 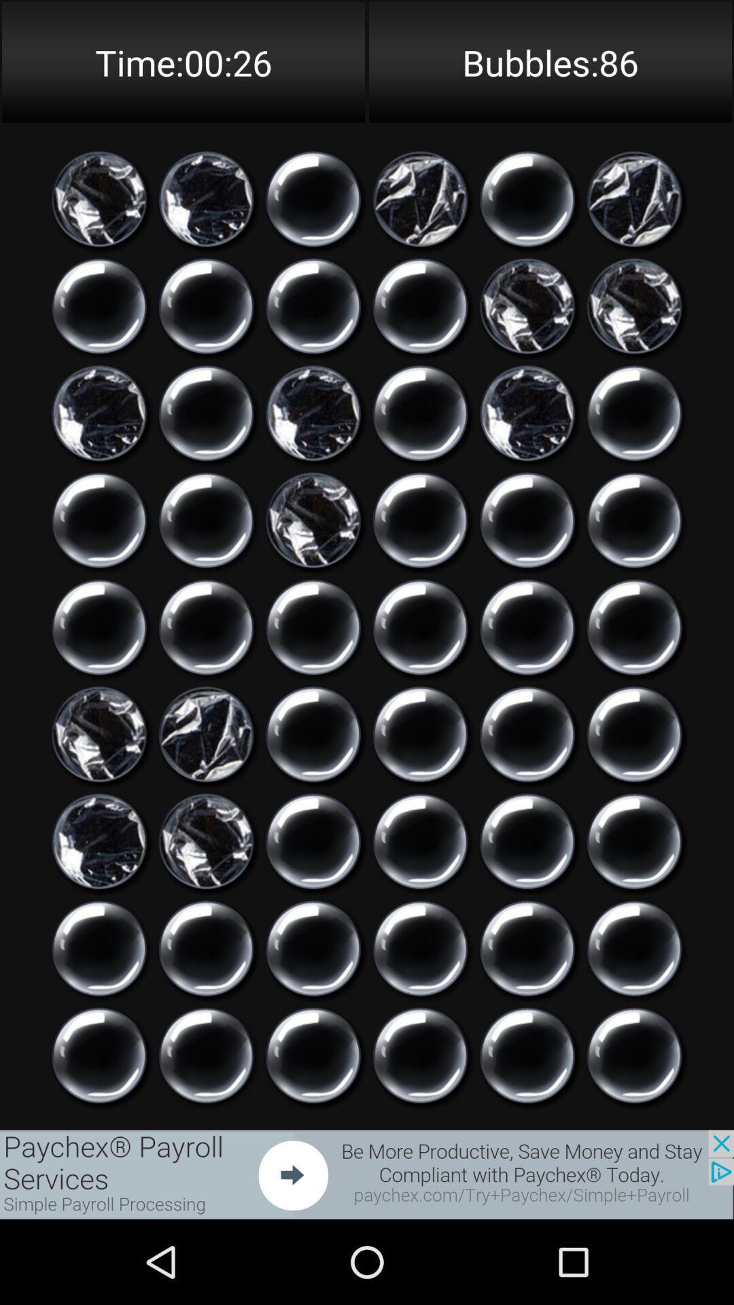 What do you see at coordinates (99, 627) in the screenshot?
I see `touch to break bubble` at bounding box center [99, 627].